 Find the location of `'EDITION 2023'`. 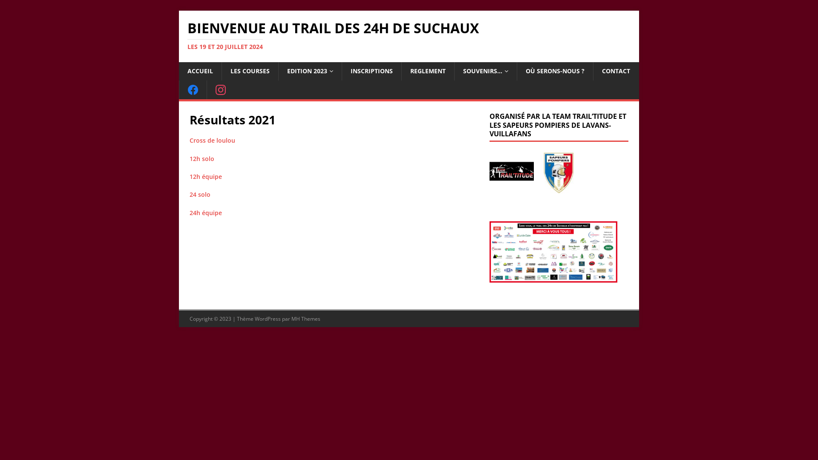

'EDITION 2023' is located at coordinates (309, 70).